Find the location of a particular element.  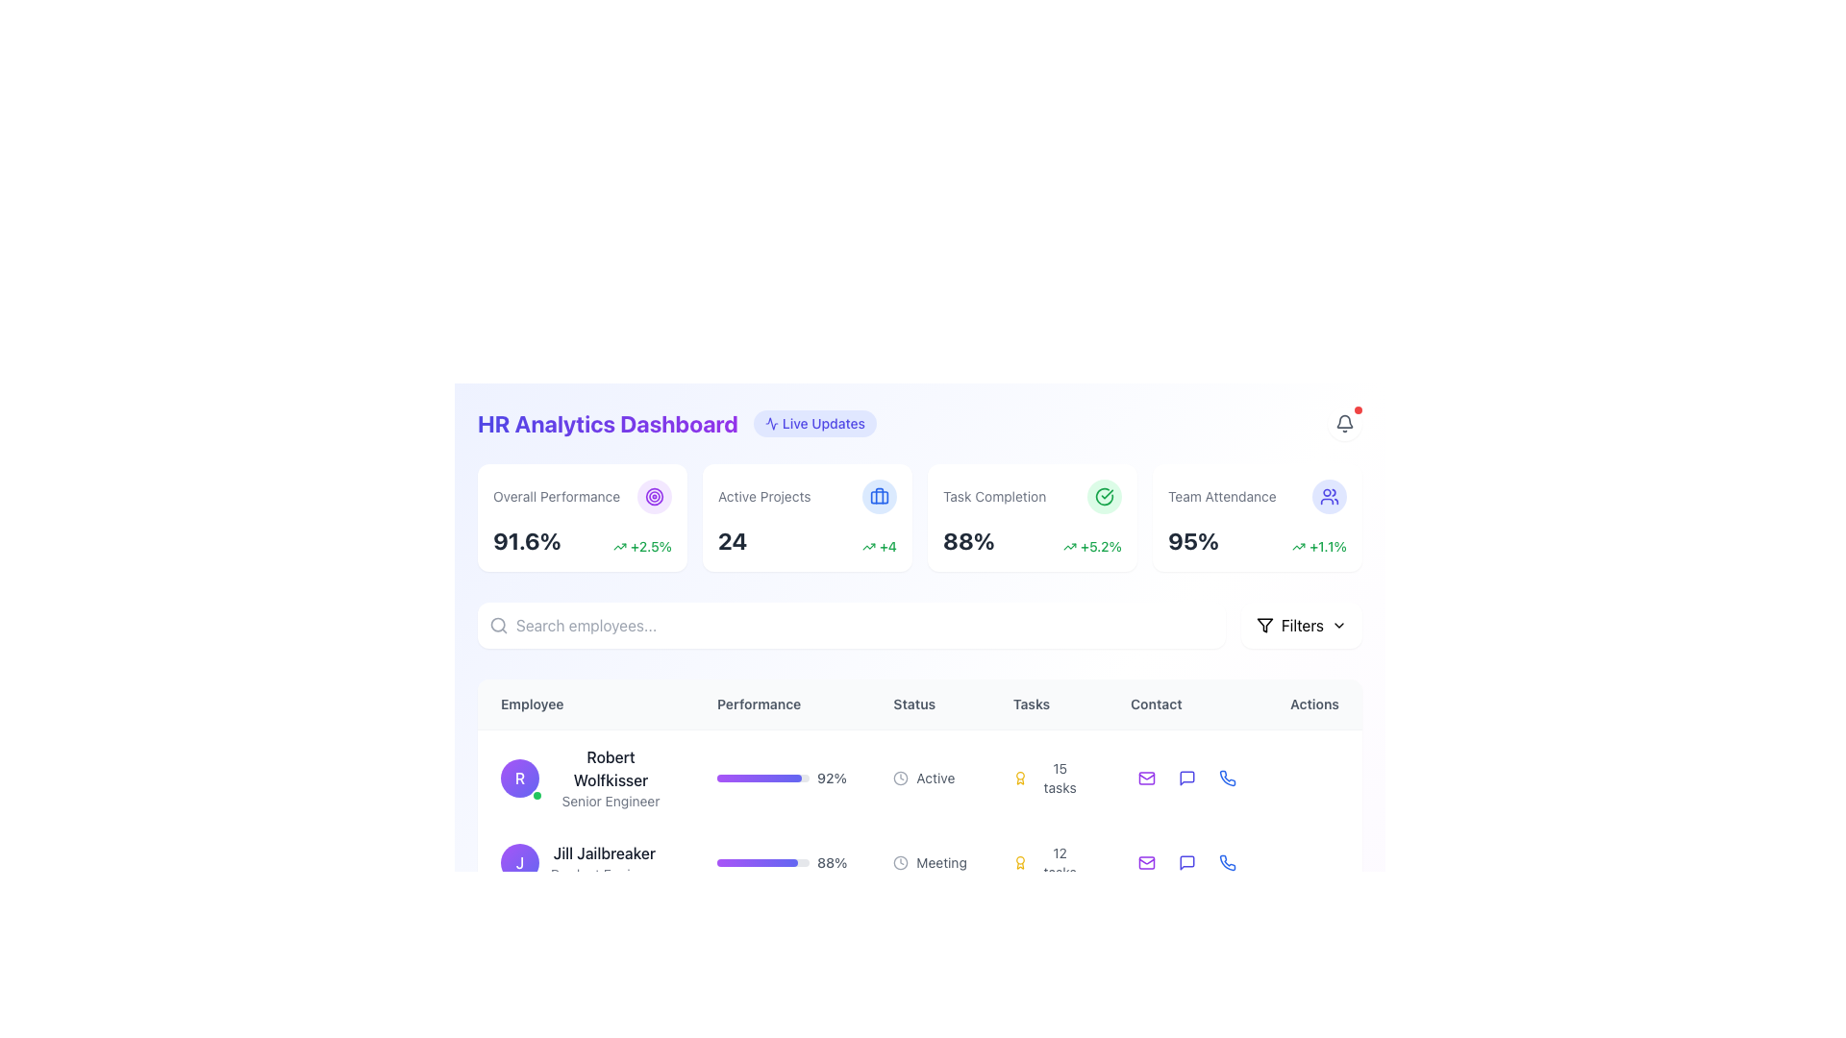

trend indicator of the Statistical display component showing a performance metric of '91.6%' with a green upward trend of '2.5%' located in the 'Overall Performance' section is located at coordinates (581, 541).